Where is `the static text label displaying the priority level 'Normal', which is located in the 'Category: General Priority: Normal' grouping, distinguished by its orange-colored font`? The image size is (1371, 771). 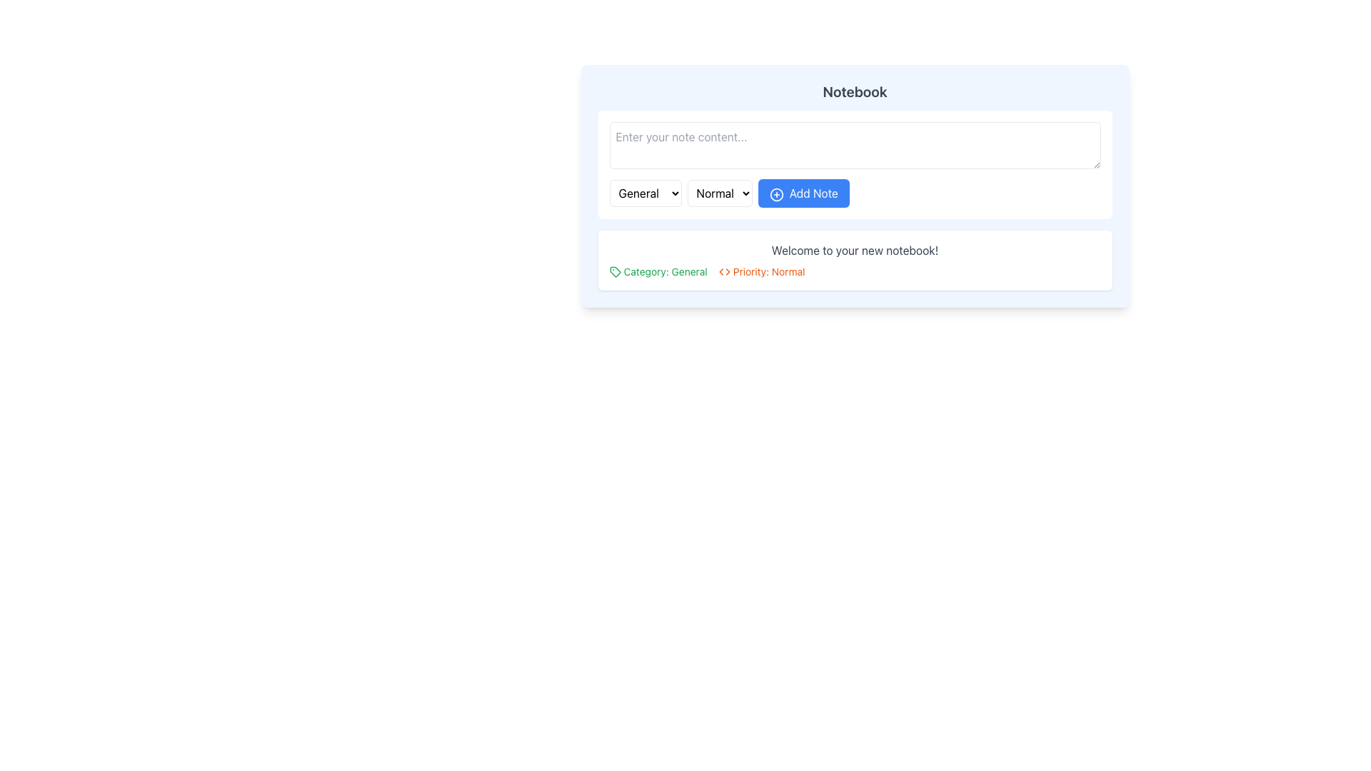
the static text label displaying the priority level 'Normal', which is located in the 'Category: General Priority: Normal' grouping, distinguished by its orange-colored font is located at coordinates (761, 272).